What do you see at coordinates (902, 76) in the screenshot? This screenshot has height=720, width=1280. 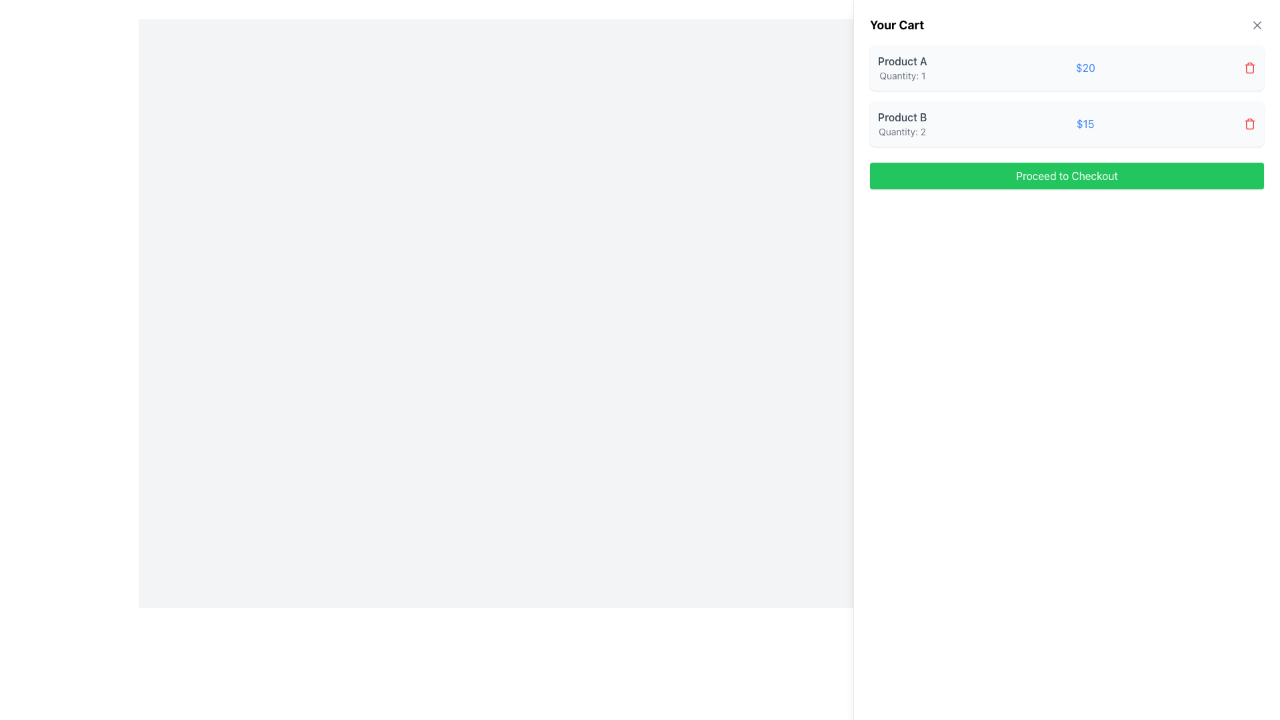 I see `the text label that displays the quantity of 'Product A' currently selected in the cart, located directly below the 'Product A' label in the cart summary section` at bounding box center [902, 76].